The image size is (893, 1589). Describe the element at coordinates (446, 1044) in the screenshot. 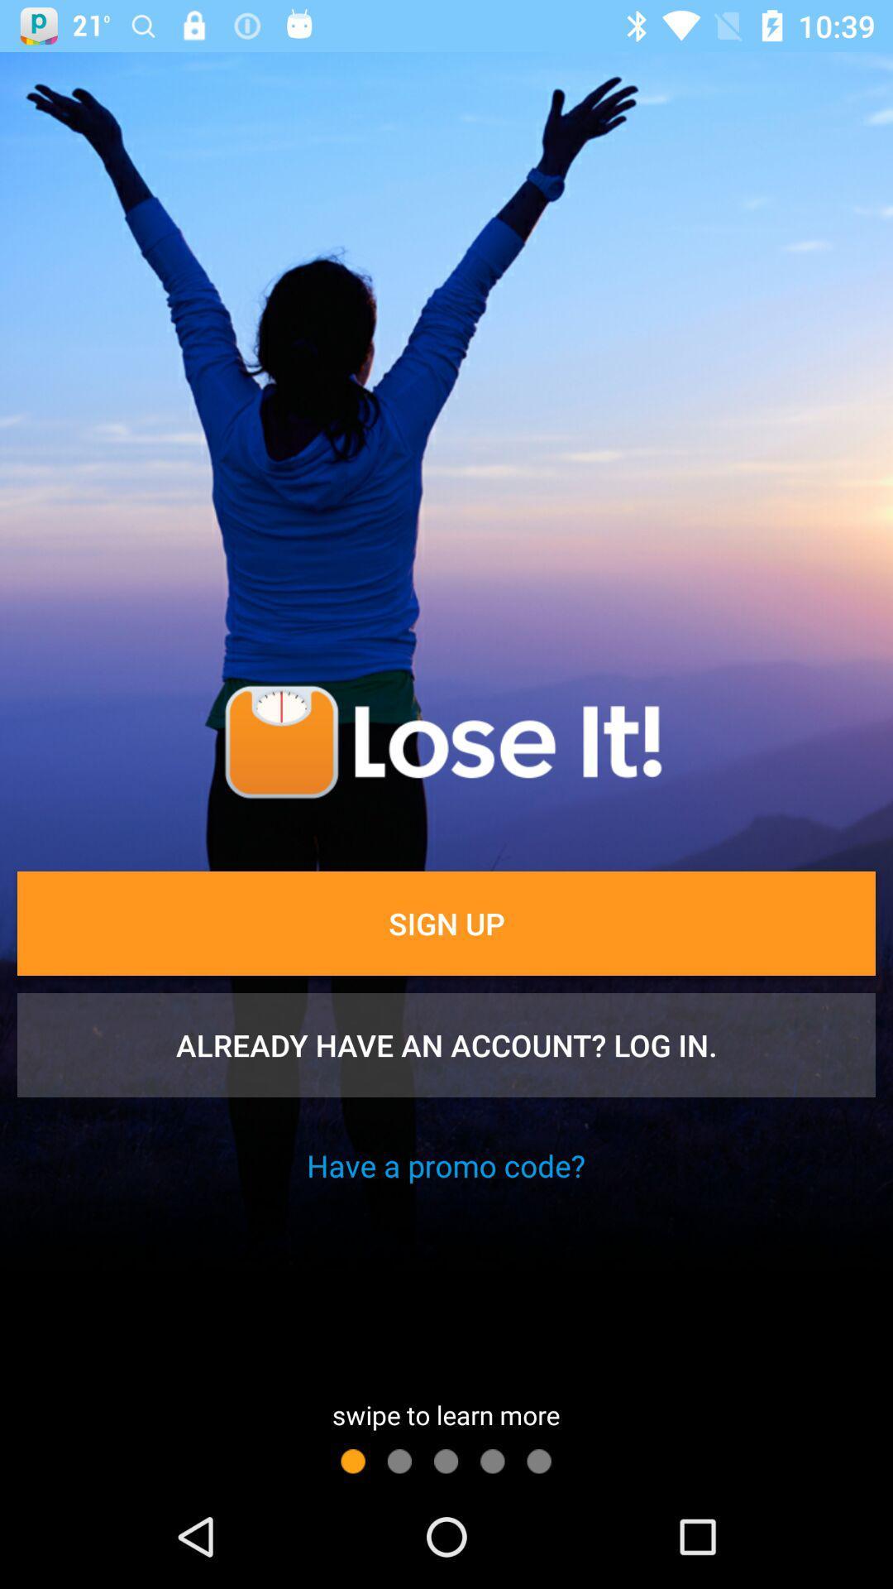

I see `icon above have a promo` at that location.